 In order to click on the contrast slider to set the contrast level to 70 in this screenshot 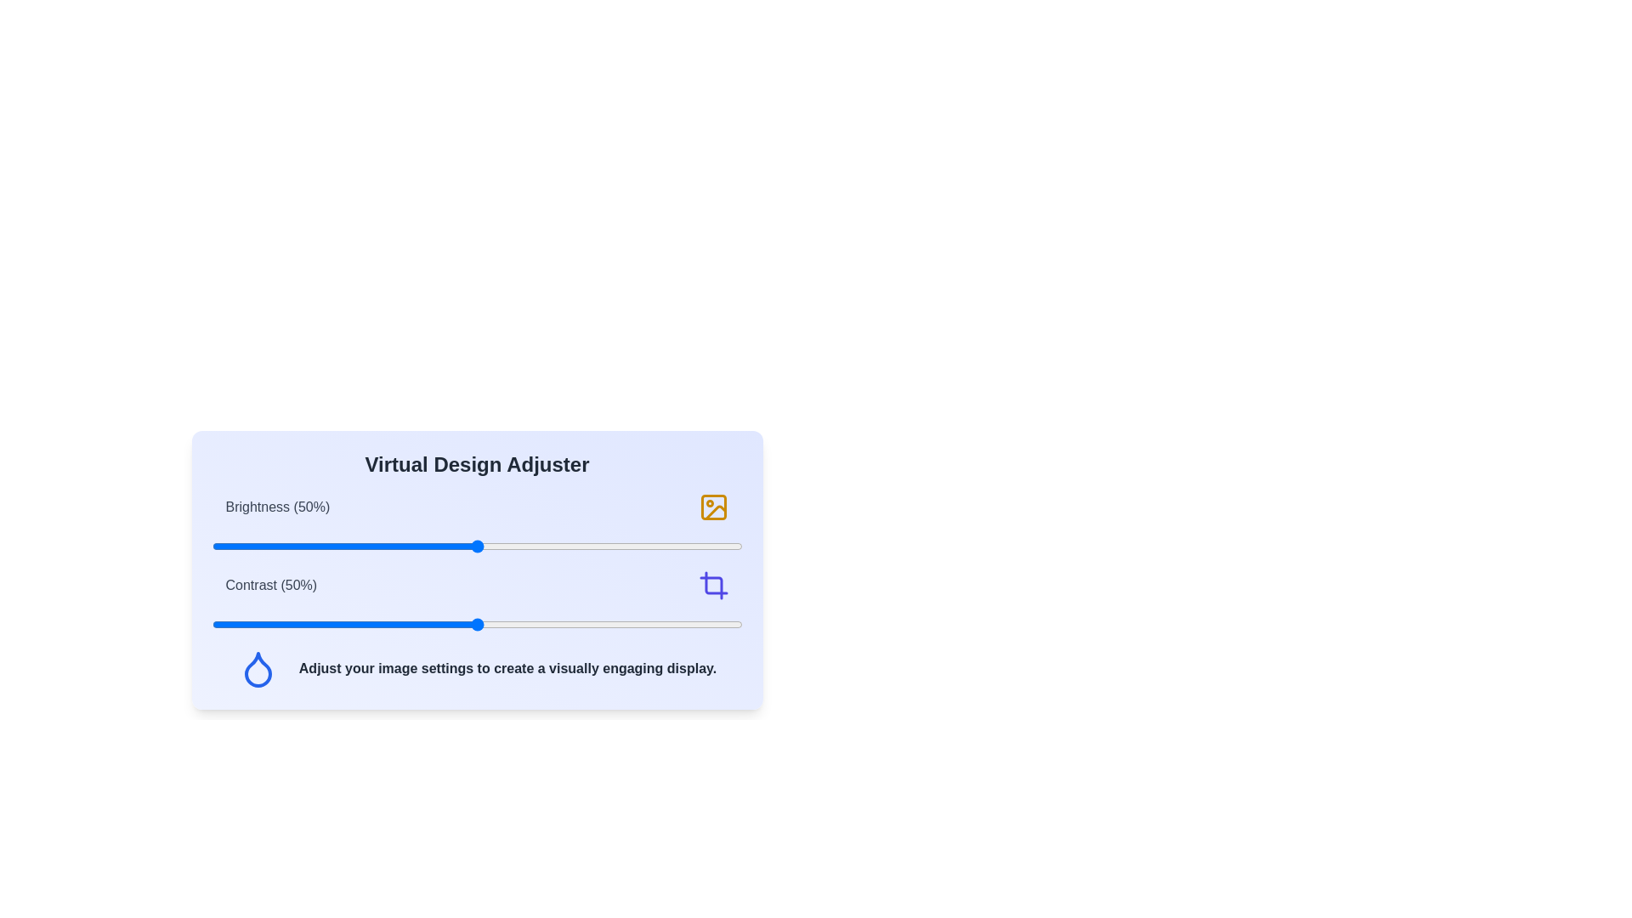, I will do `click(583, 625)`.